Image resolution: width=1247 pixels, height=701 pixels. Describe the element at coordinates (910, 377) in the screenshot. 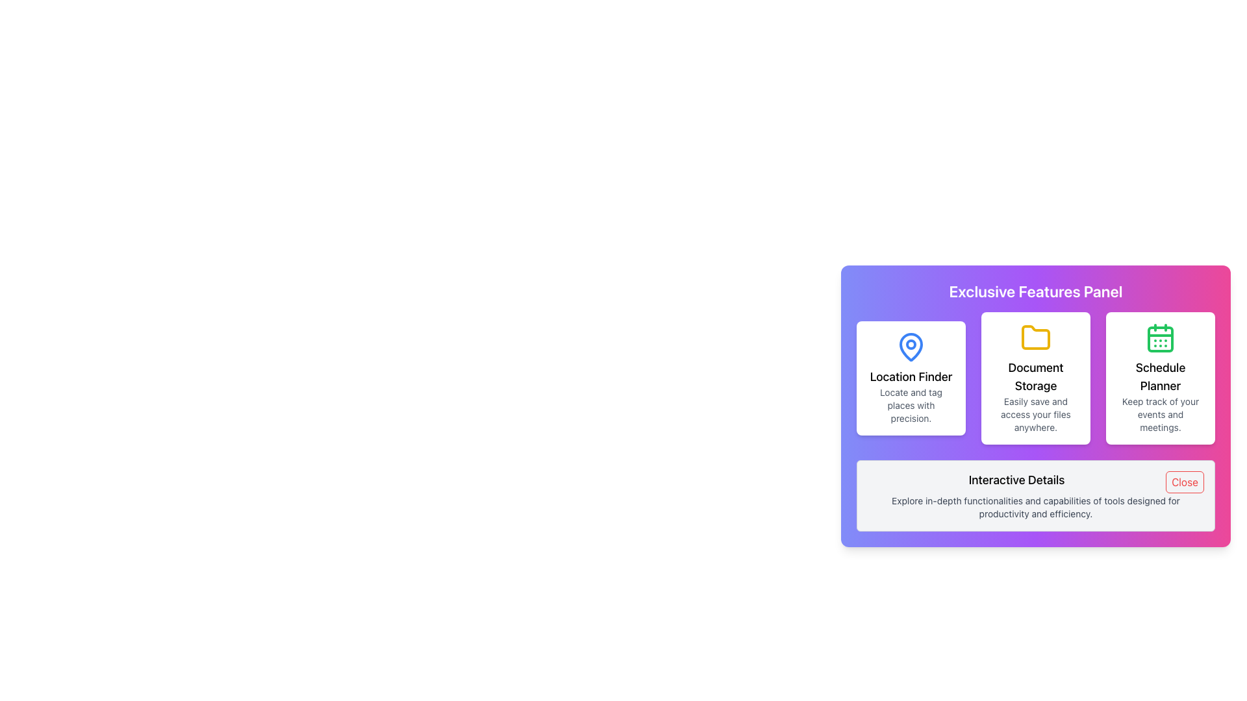

I see `text content of the 'Location Finder' text component, which is displayed in bold, medium-sized font and is centered below a location pin icon` at that location.